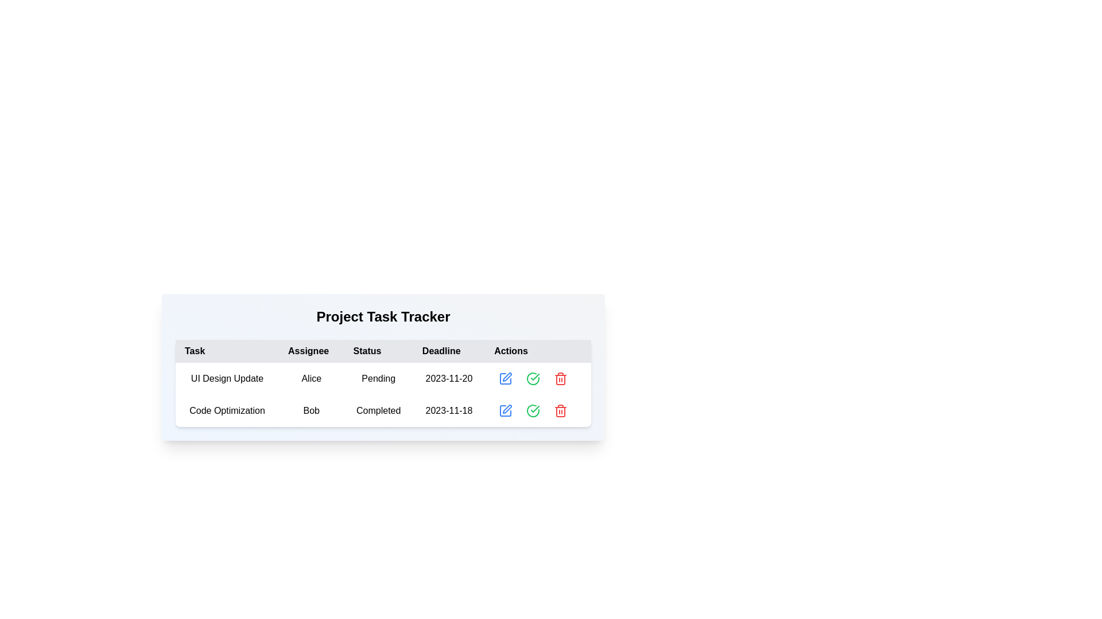  Describe the element at coordinates (383, 383) in the screenshot. I see `a specific data cell in the table located within the 'Project Task Tracker' card, which displays project-related information including tasks and their statuses` at that location.